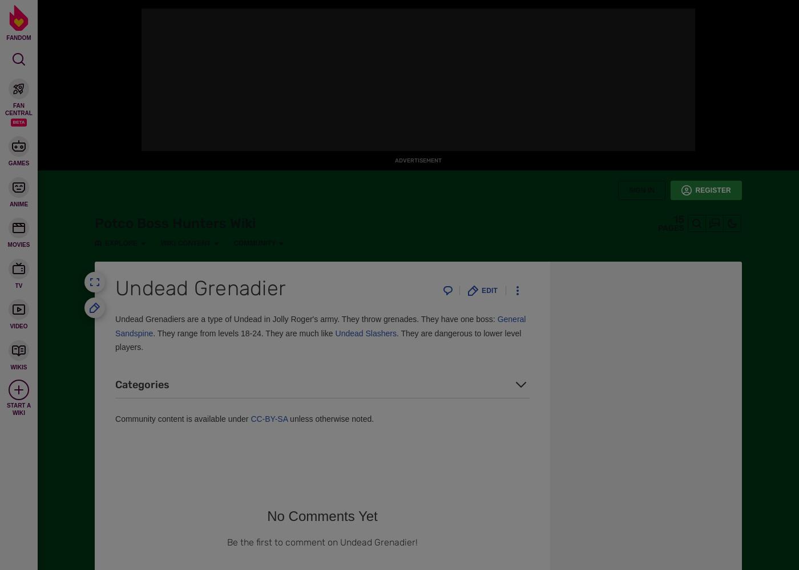  What do you see at coordinates (142, 384) in the screenshot?
I see `'Categories'` at bounding box center [142, 384].